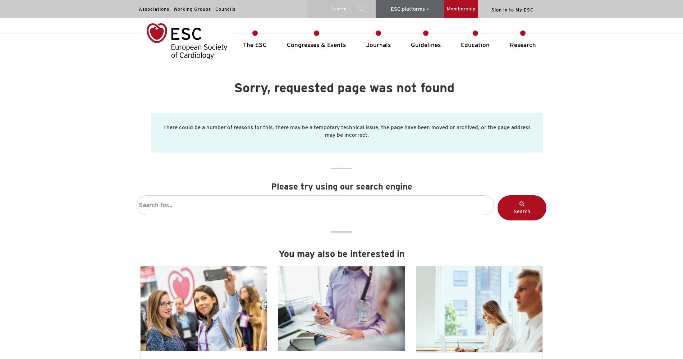 Image resolution: width=683 pixels, height=359 pixels. I want to click on 'Councils', so click(225, 9).